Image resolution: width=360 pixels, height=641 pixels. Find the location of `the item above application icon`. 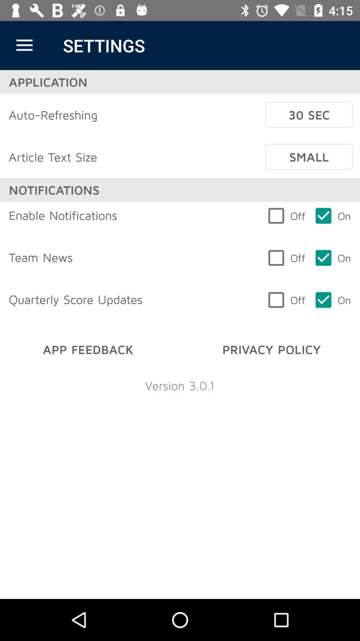

the item above application icon is located at coordinates (24, 45).